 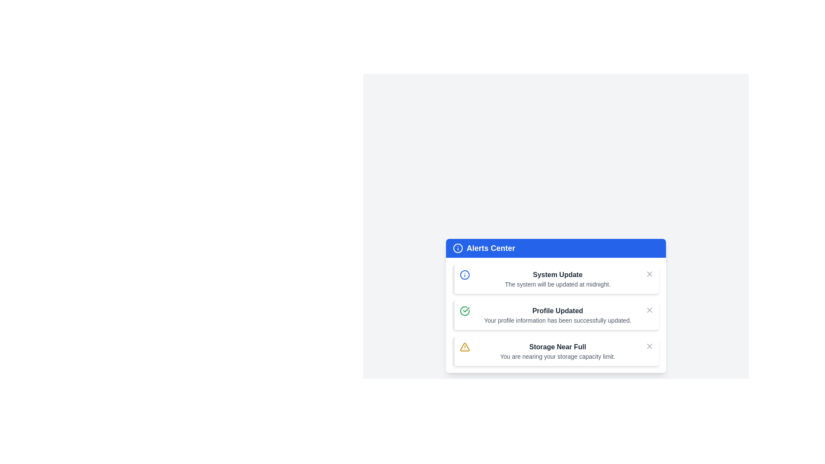 What do you see at coordinates (557, 284) in the screenshot?
I see `text content of the text label located below the 'System Update' header in the Alerts Center interface, which provides additional information regarding the system update` at bounding box center [557, 284].